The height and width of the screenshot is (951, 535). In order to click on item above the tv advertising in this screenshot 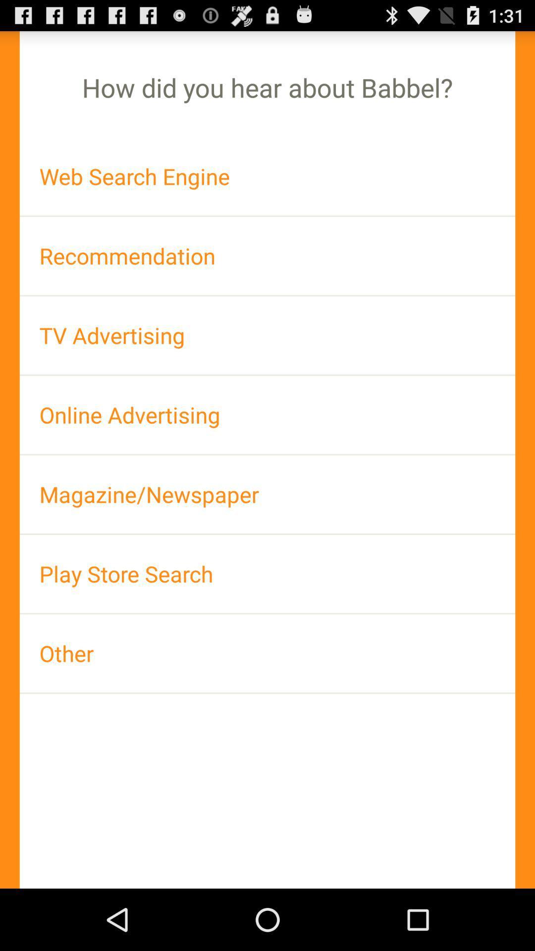, I will do `click(267, 256)`.